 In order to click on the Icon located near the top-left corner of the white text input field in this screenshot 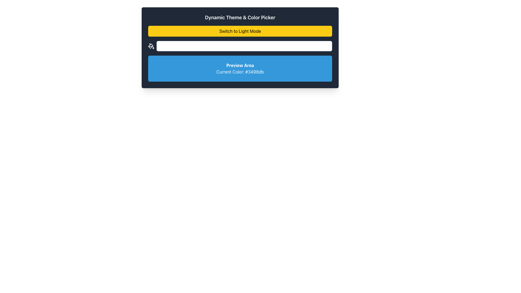, I will do `click(151, 46)`.